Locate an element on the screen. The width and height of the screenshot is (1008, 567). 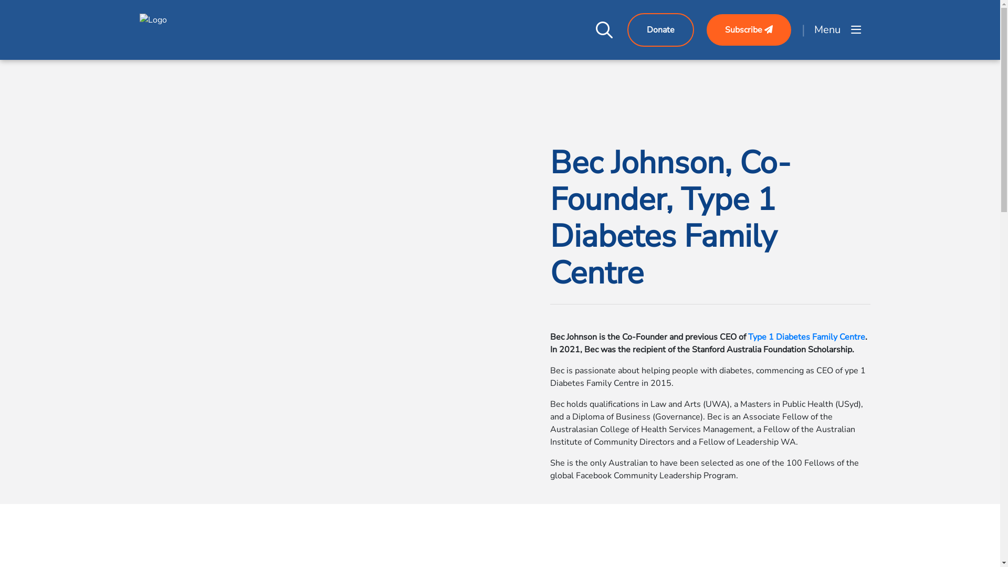
'Type 1 Diabetes Family Centre' is located at coordinates (747, 337).